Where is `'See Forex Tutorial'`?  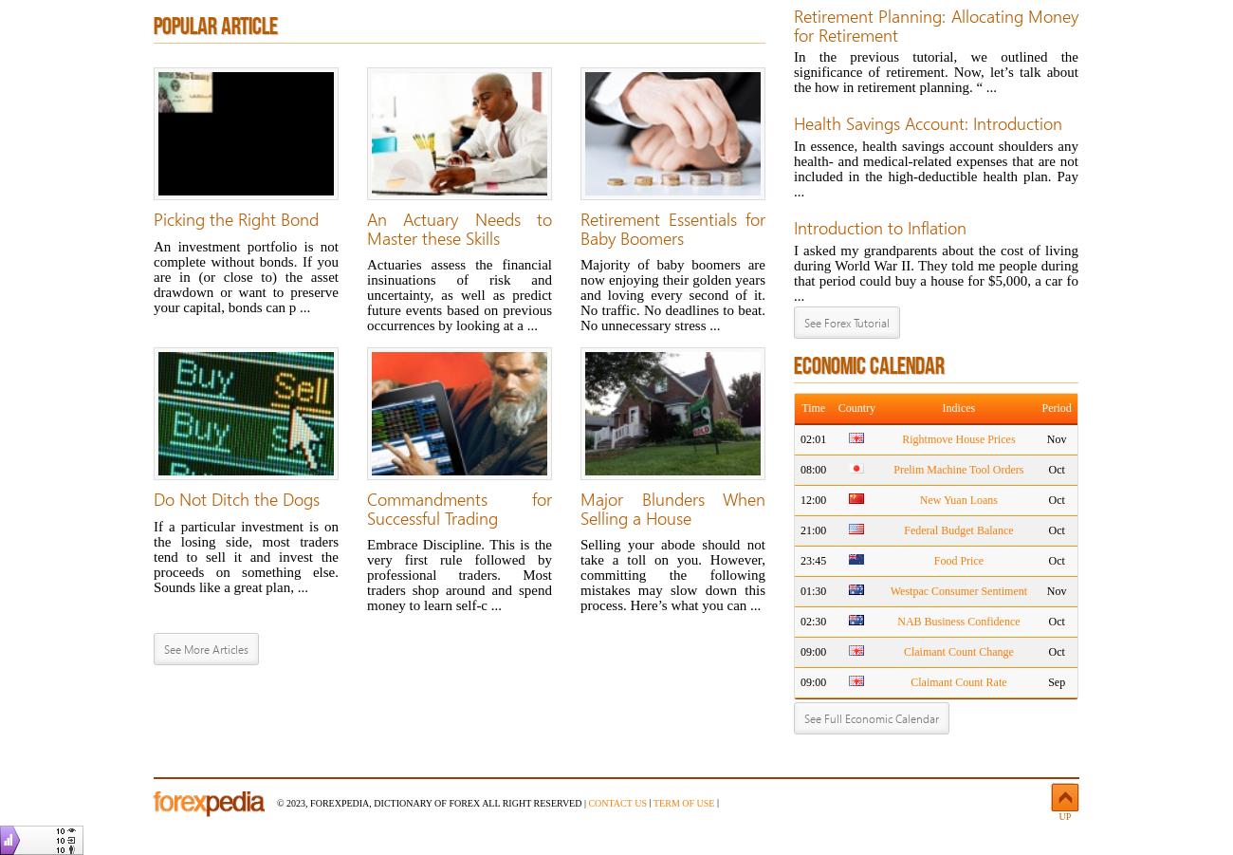
'See Forex Tutorial' is located at coordinates (803, 323).